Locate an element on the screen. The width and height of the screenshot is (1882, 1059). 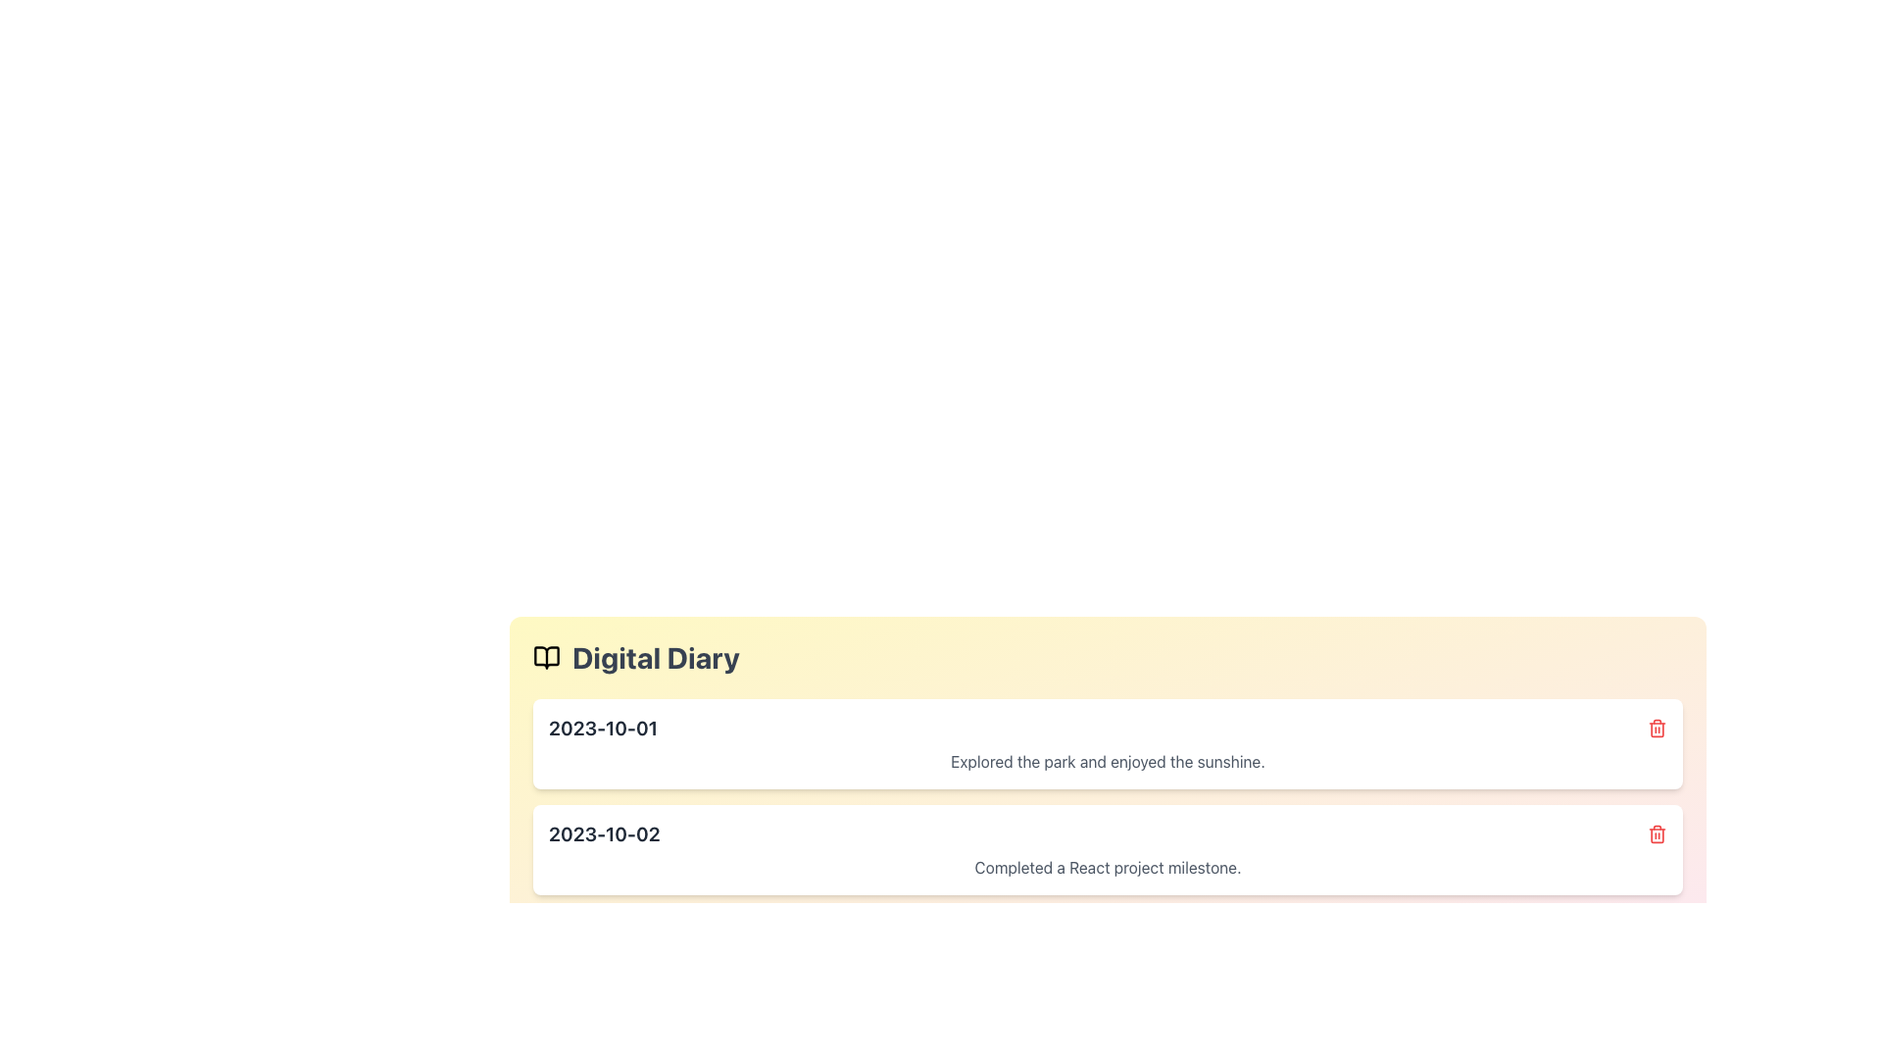
the trash can icon outlined in red, positioned to the right of the date text '2023-10-01', to possibly show a tooltip is located at coordinates (1656, 729).